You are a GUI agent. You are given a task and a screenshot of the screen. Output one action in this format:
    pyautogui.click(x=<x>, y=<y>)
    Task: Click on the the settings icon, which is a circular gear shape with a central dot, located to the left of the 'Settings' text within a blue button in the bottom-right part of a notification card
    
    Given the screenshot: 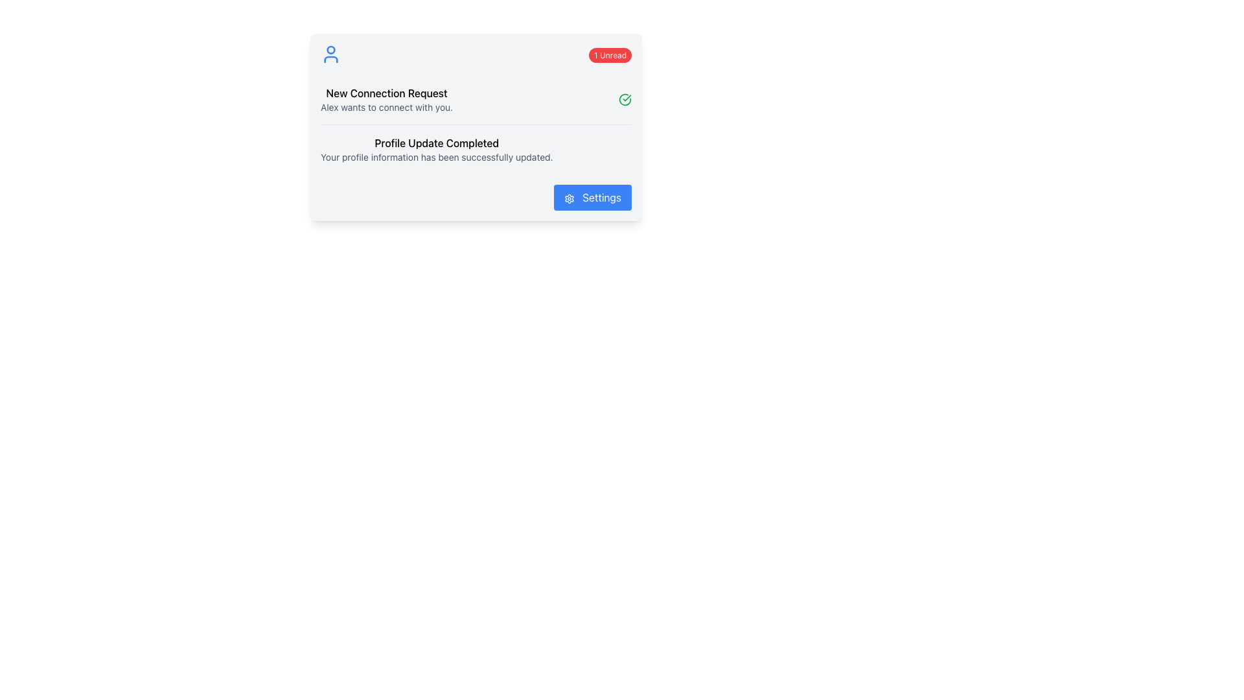 What is the action you would take?
    pyautogui.click(x=569, y=198)
    